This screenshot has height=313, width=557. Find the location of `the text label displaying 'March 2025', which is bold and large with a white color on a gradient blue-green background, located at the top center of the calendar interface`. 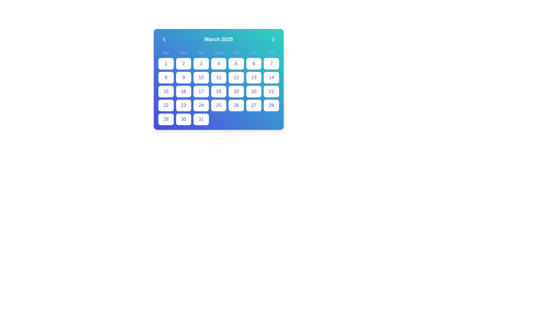

the text label displaying 'March 2025', which is bold and large with a white color on a gradient blue-green background, located at the top center of the calendar interface is located at coordinates (218, 39).